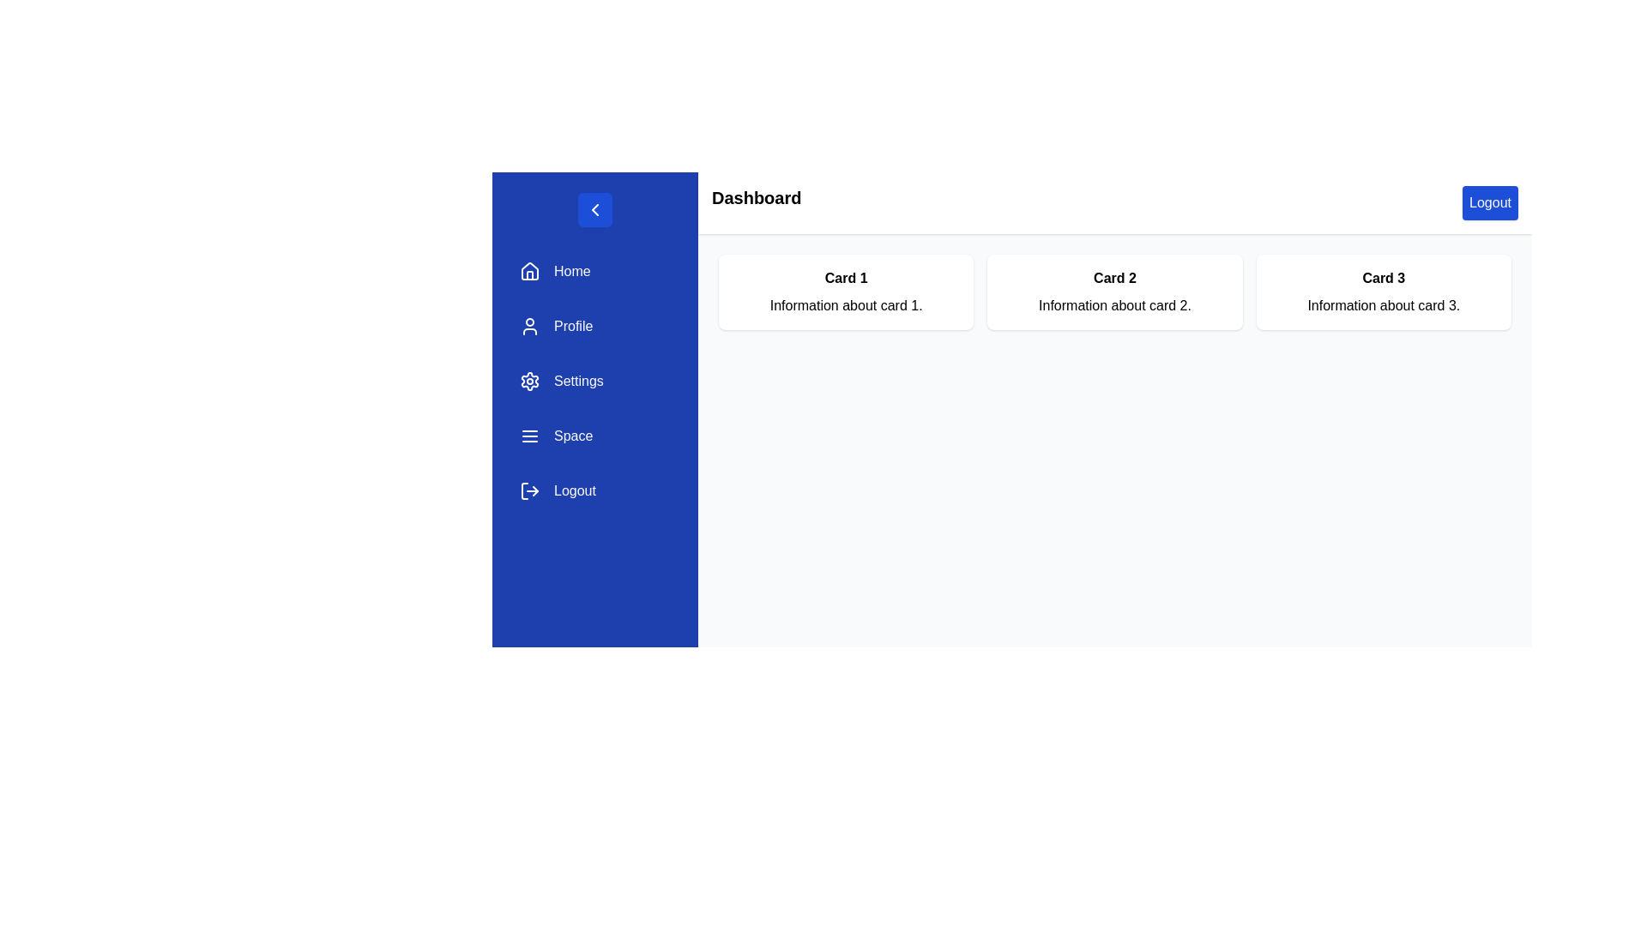 The image size is (1647, 926). I want to click on the 'Settings' text label, which is displayed in white on a blue background within the vertical navigation menu located in the left sidebar, so click(578, 380).